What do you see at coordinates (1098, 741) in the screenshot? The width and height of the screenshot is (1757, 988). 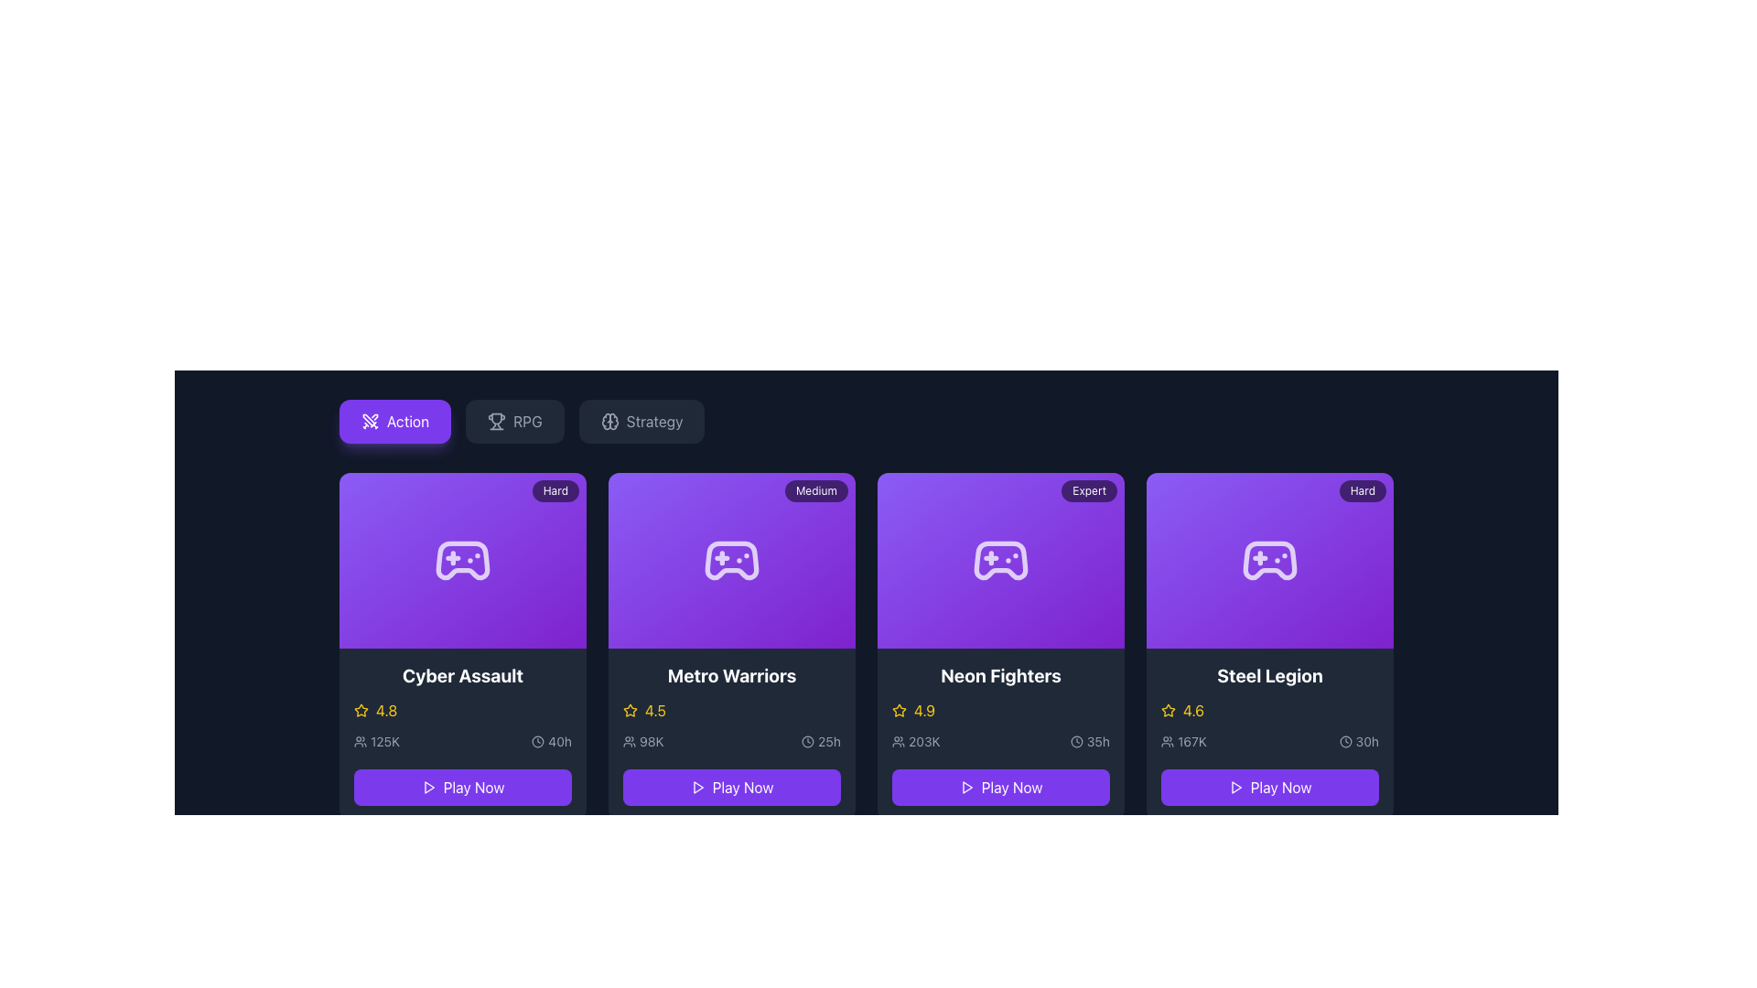 I see `the text label displaying '35h', which is located at the bottom right part of the third card titled 'Neon Fighters' and is aligned with an adjacent clock icon` at bounding box center [1098, 741].